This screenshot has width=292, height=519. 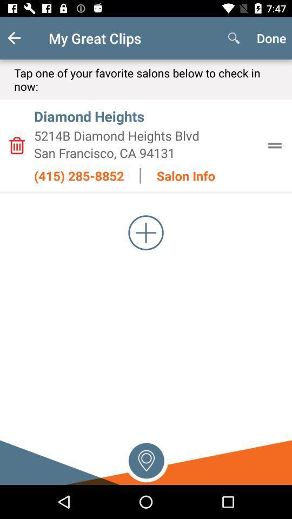 What do you see at coordinates (23, 38) in the screenshot?
I see `the item above the tap one of icon` at bounding box center [23, 38].